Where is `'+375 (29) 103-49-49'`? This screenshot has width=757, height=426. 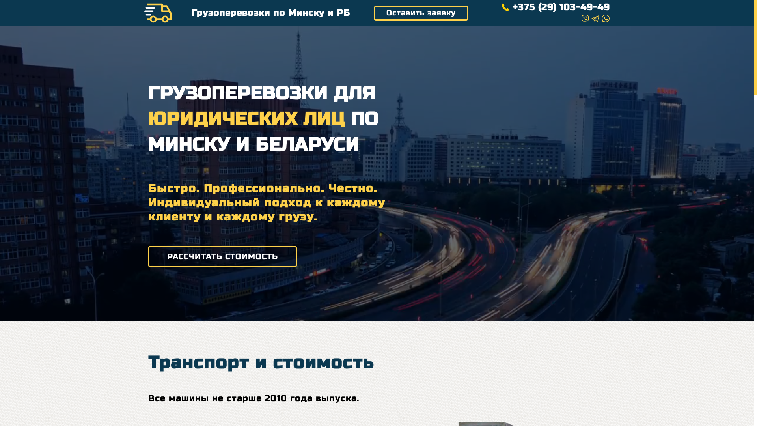 '+375 (29) 103-49-49' is located at coordinates (555, 7).